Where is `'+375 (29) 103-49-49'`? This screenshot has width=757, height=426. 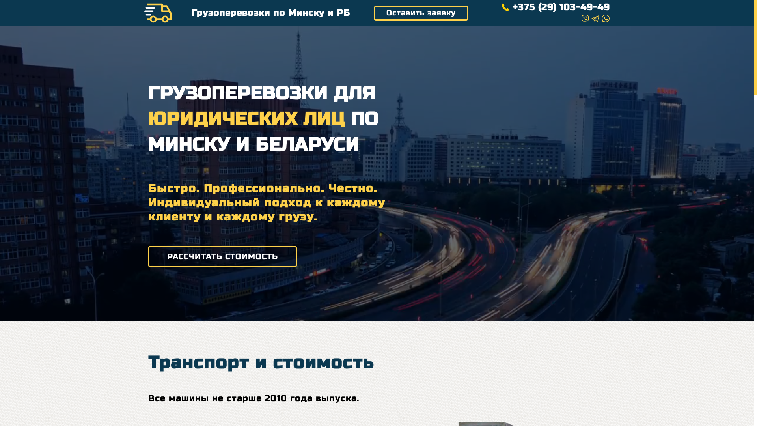 '+375 (29) 103-49-49' is located at coordinates (555, 7).